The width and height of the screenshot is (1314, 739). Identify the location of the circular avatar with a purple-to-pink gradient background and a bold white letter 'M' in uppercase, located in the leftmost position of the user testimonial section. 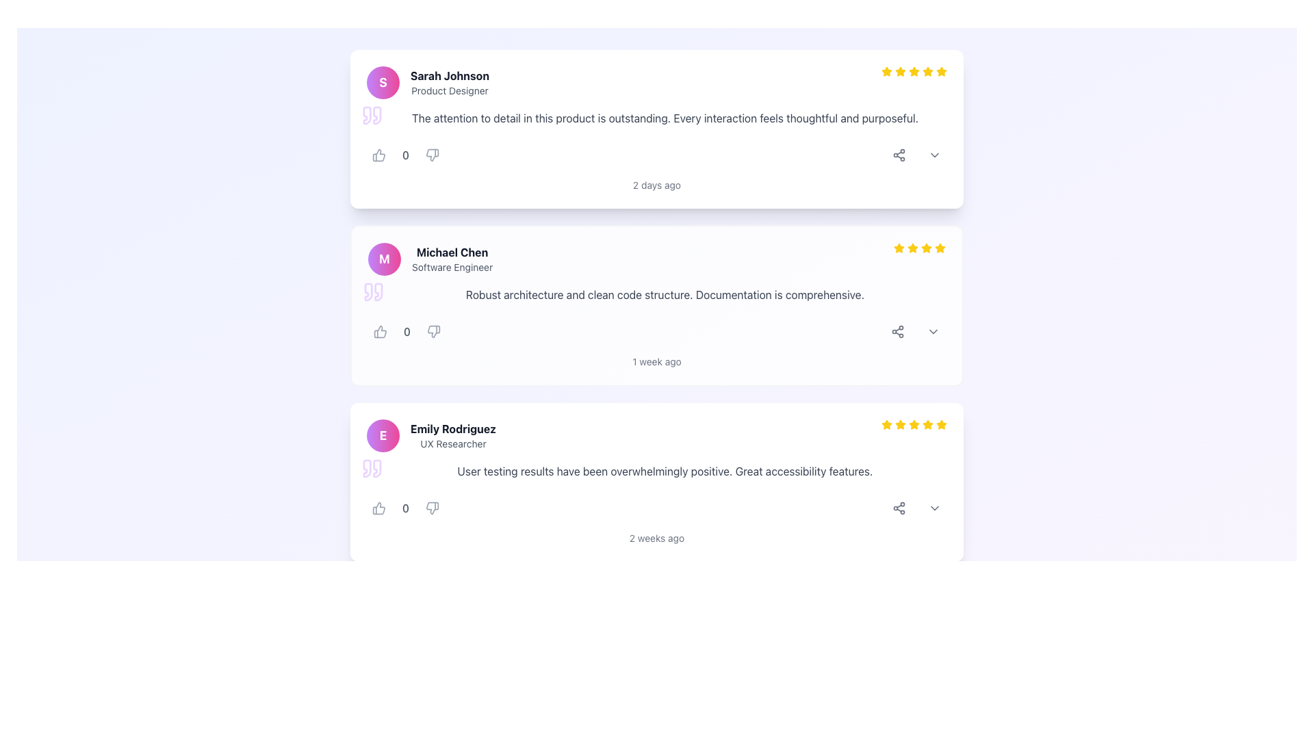
(383, 259).